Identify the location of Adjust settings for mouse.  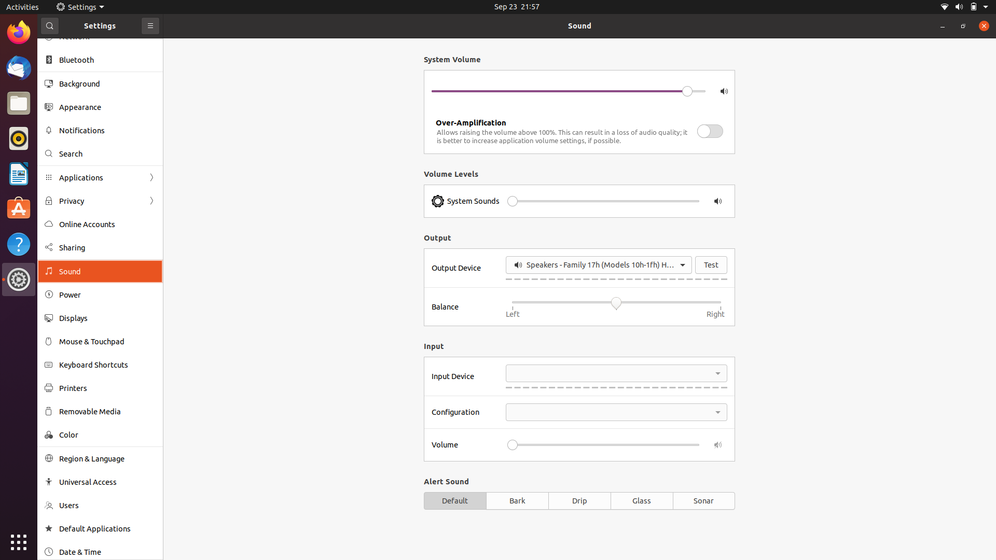
(99, 342).